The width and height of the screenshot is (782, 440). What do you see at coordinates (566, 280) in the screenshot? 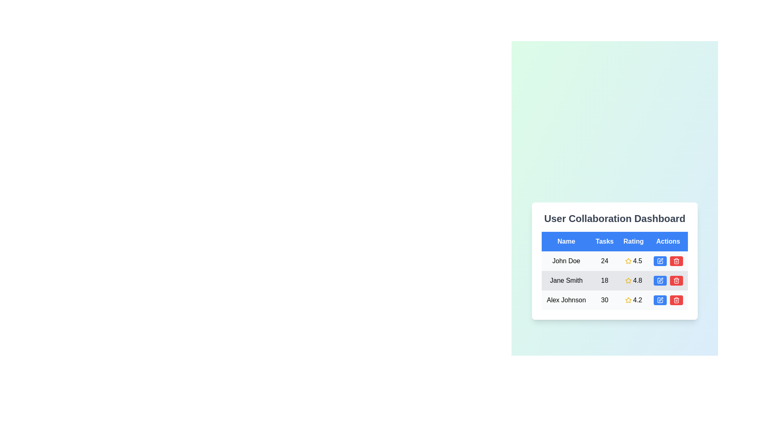
I see `the text displayed in the 'Name' column of the table, specifically in the second row, which identifies the user` at bounding box center [566, 280].